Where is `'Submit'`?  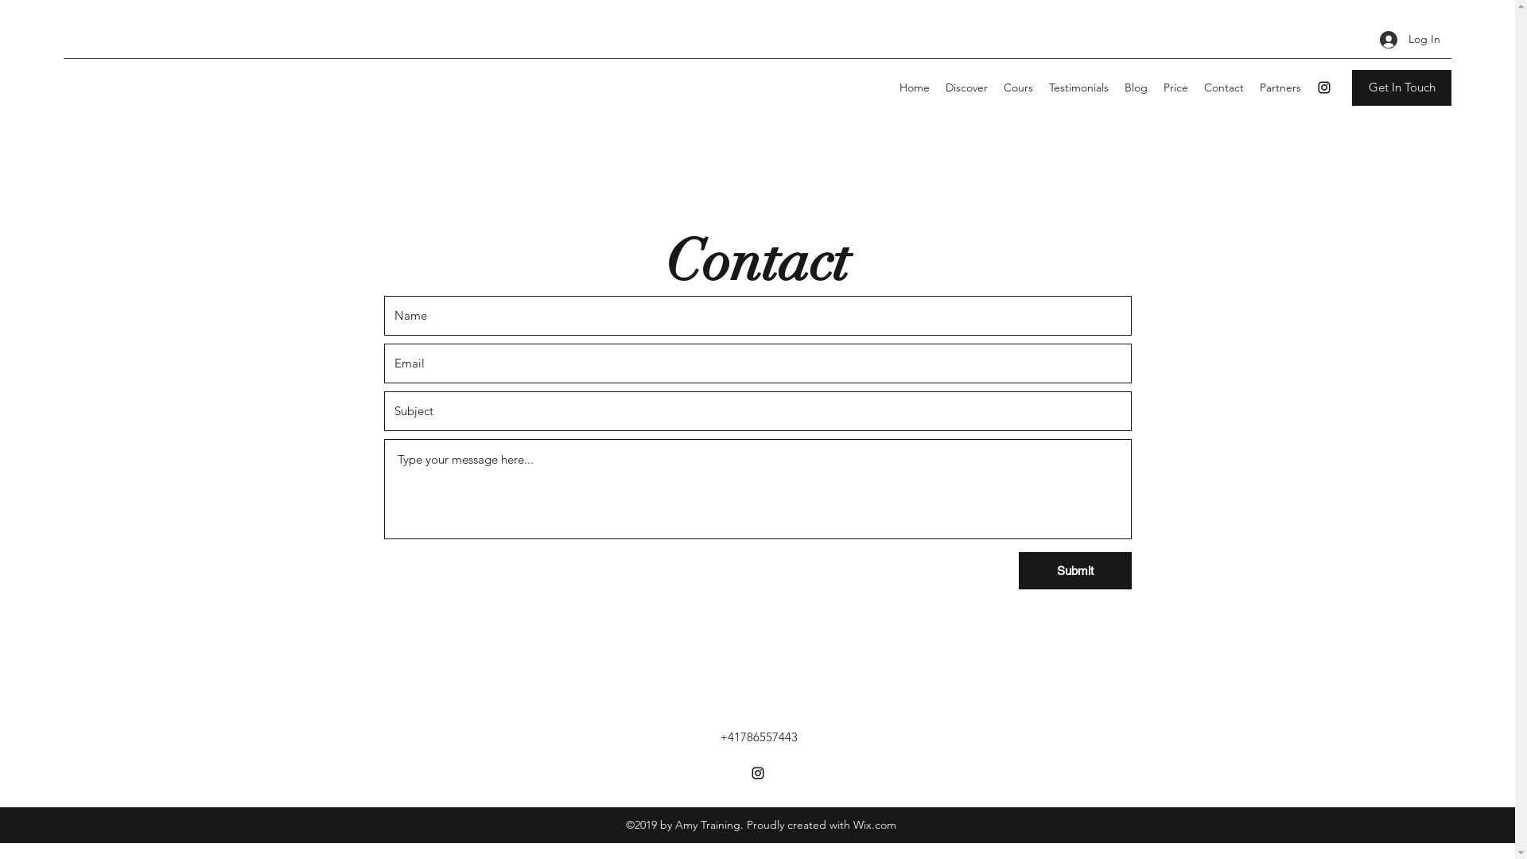 'Submit' is located at coordinates (1074, 569).